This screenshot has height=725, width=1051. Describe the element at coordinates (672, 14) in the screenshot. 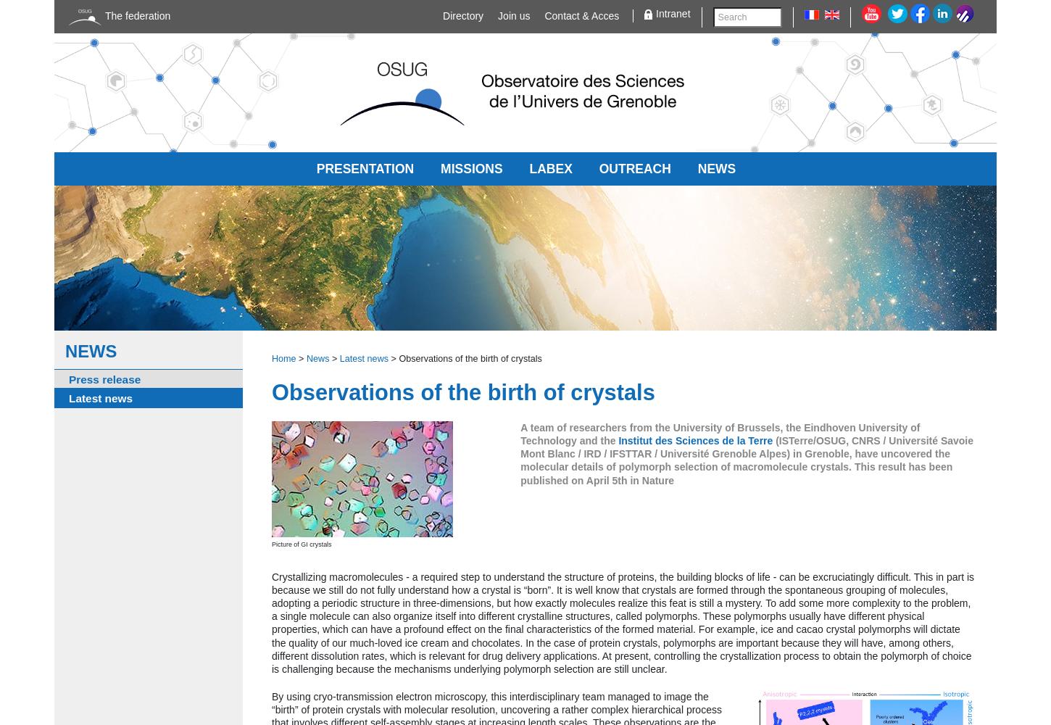

I see `'Intranet'` at that location.